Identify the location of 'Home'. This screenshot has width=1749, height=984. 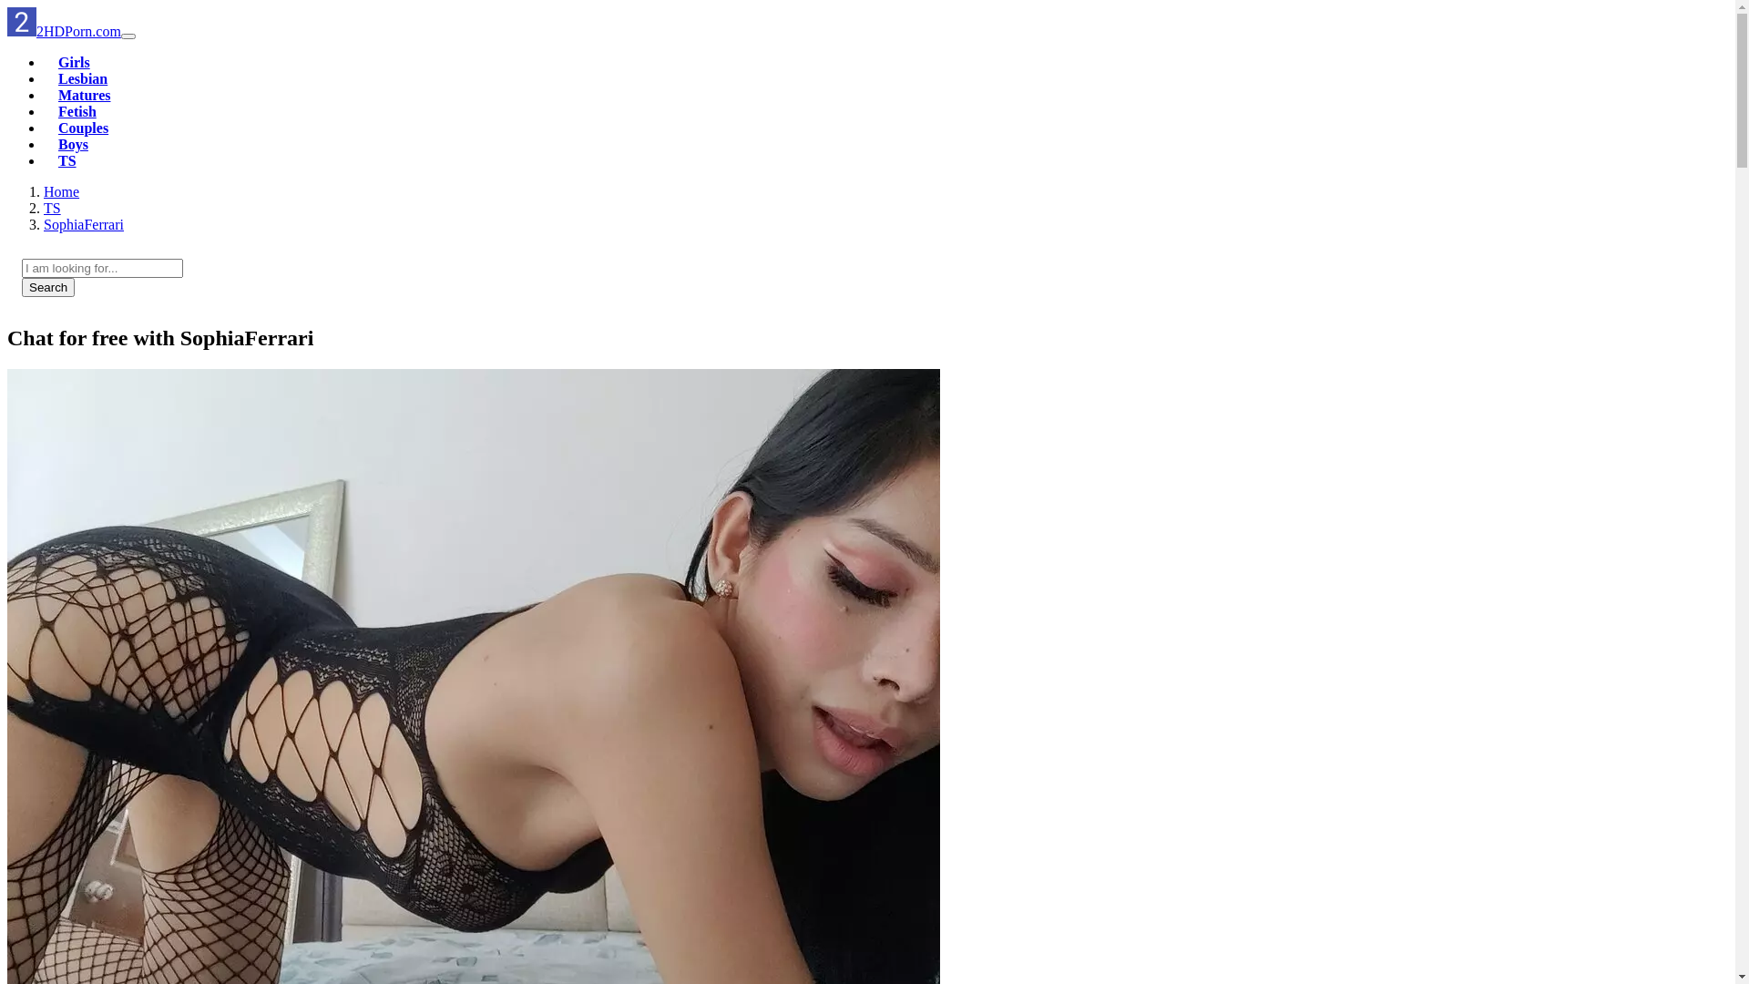
(61, 191).